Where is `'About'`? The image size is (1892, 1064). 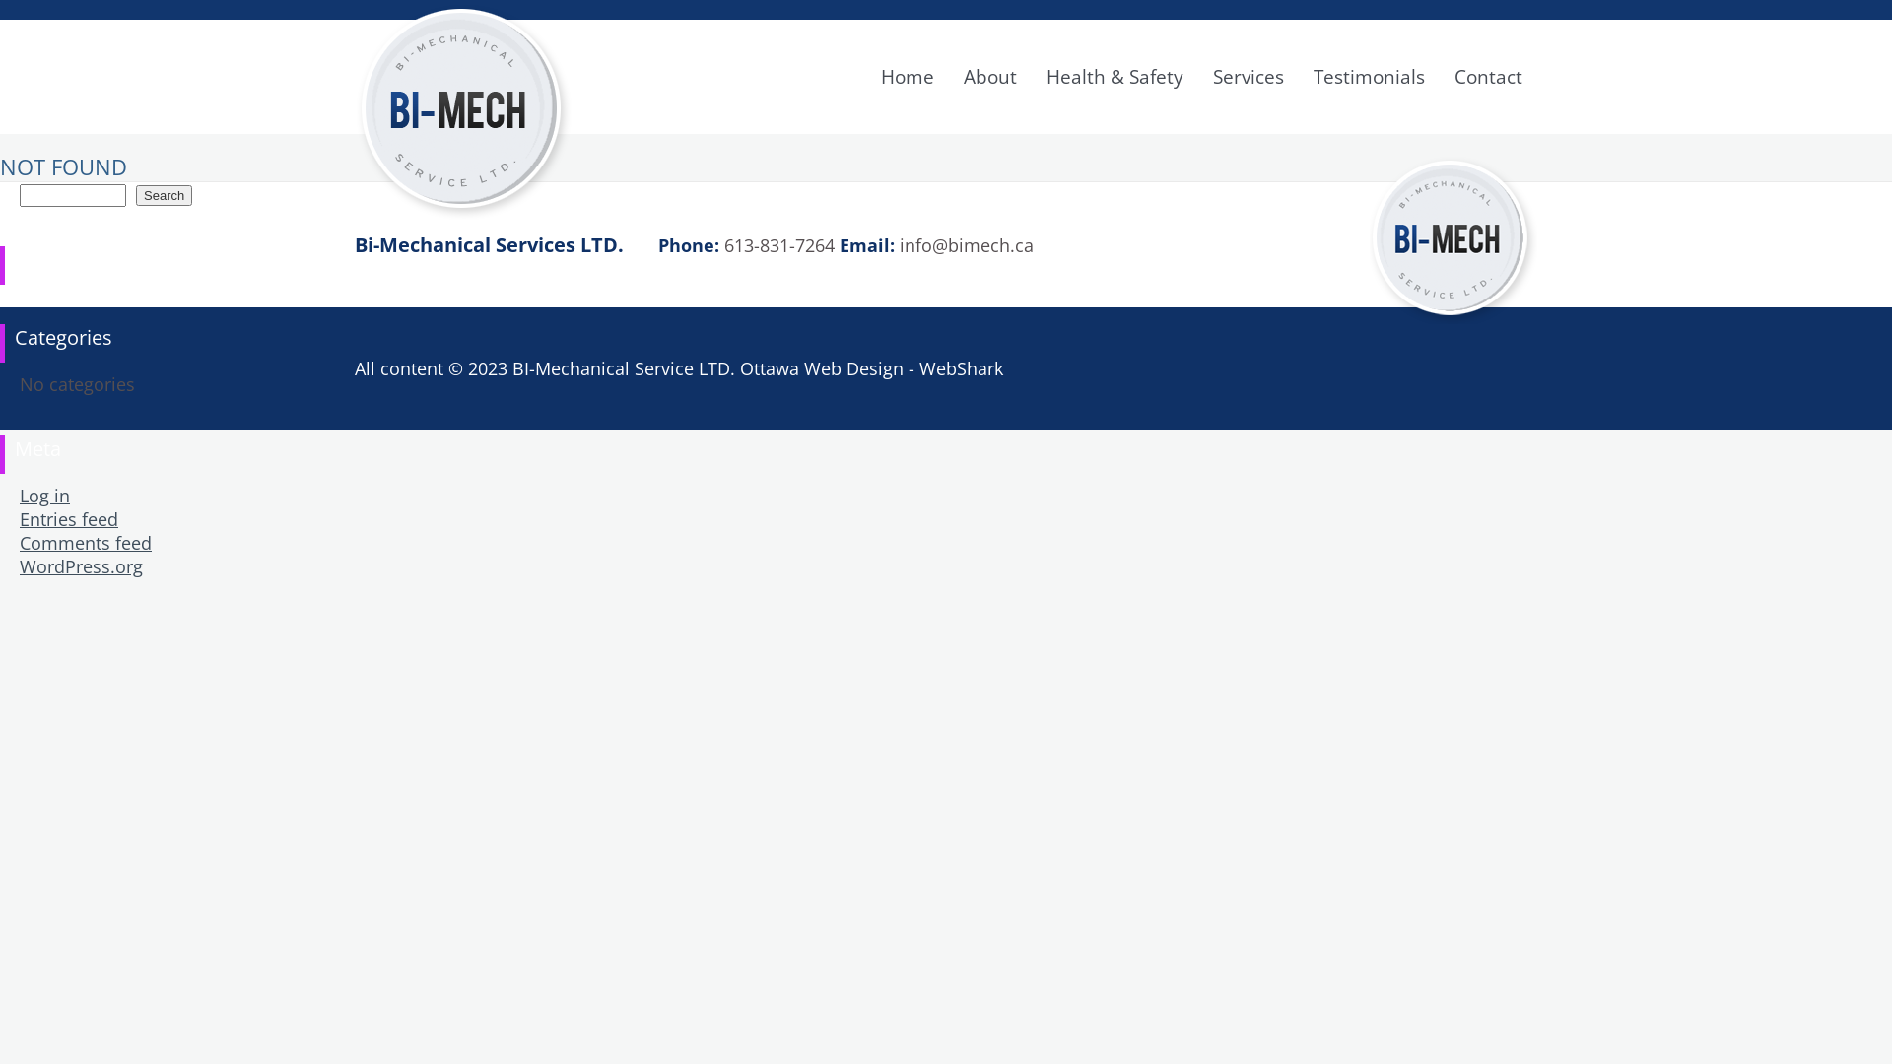
'About' is located at coordinates (989, 75).